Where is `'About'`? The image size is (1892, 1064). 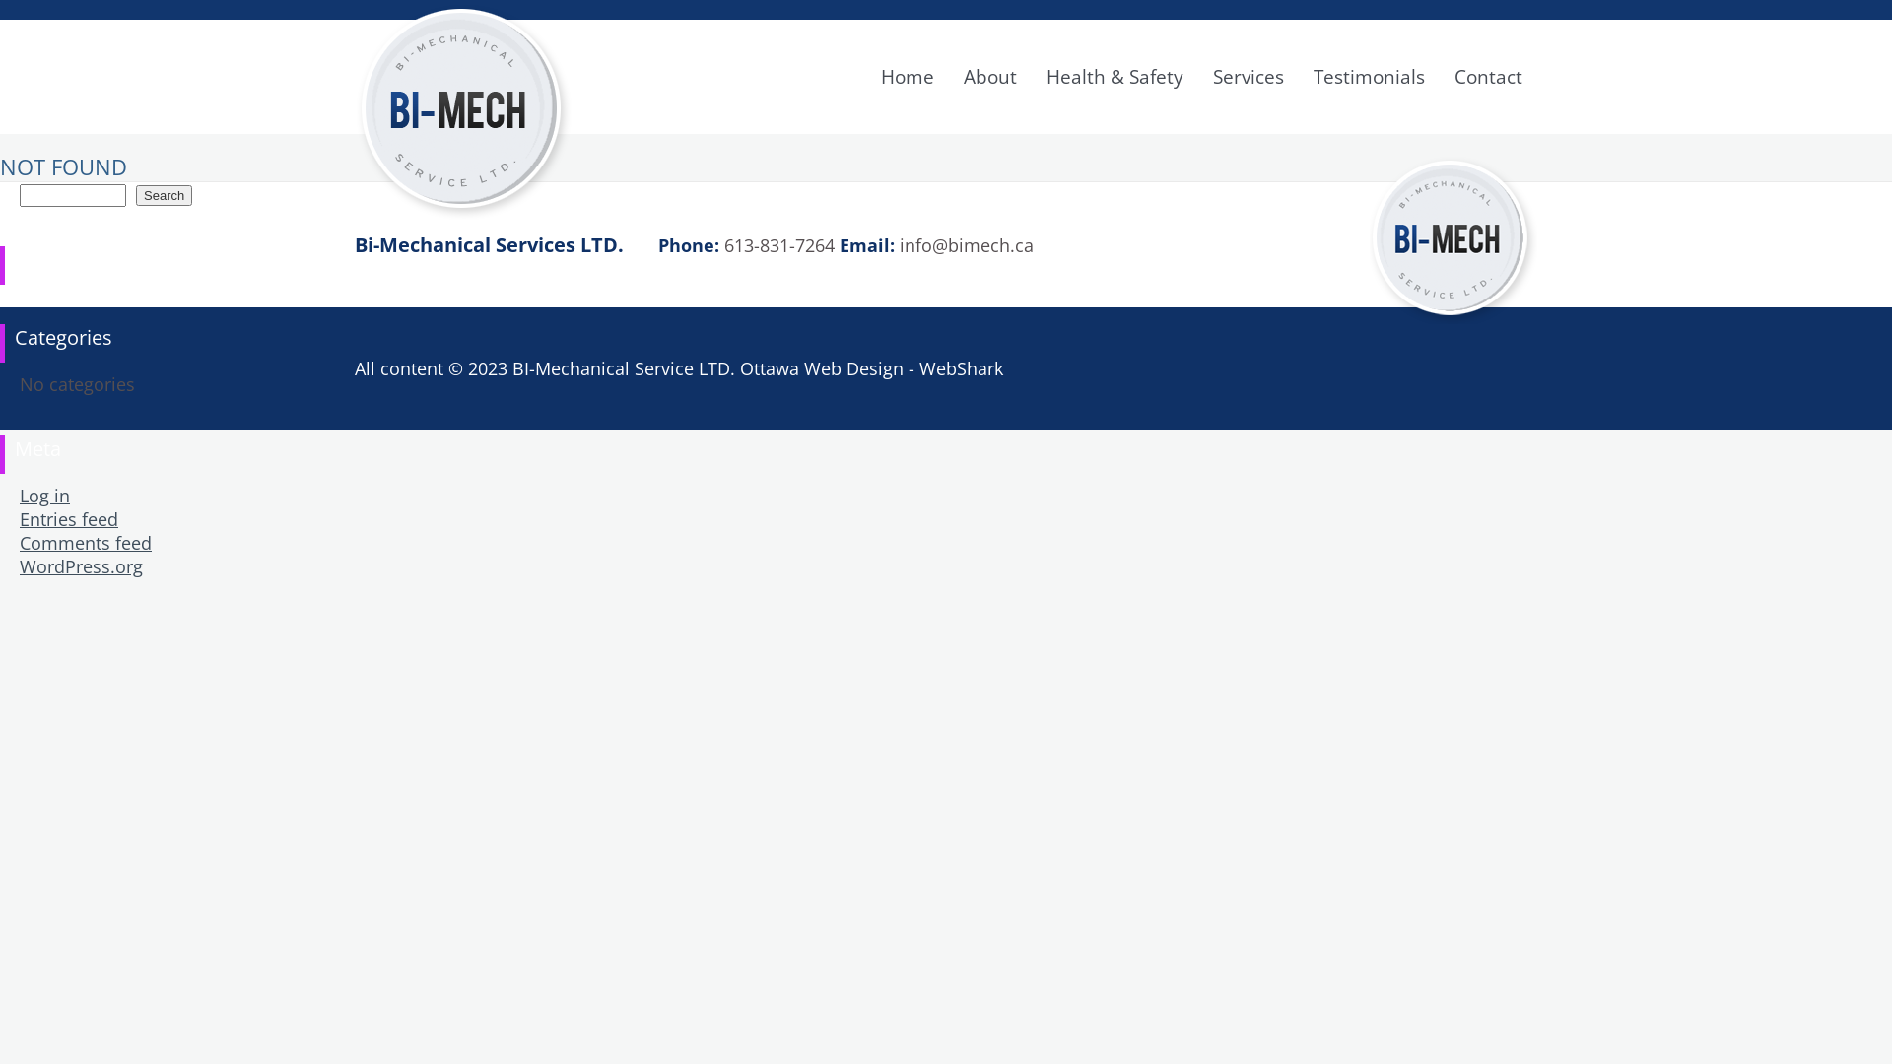
'About' is located at coordinates (989, 75).